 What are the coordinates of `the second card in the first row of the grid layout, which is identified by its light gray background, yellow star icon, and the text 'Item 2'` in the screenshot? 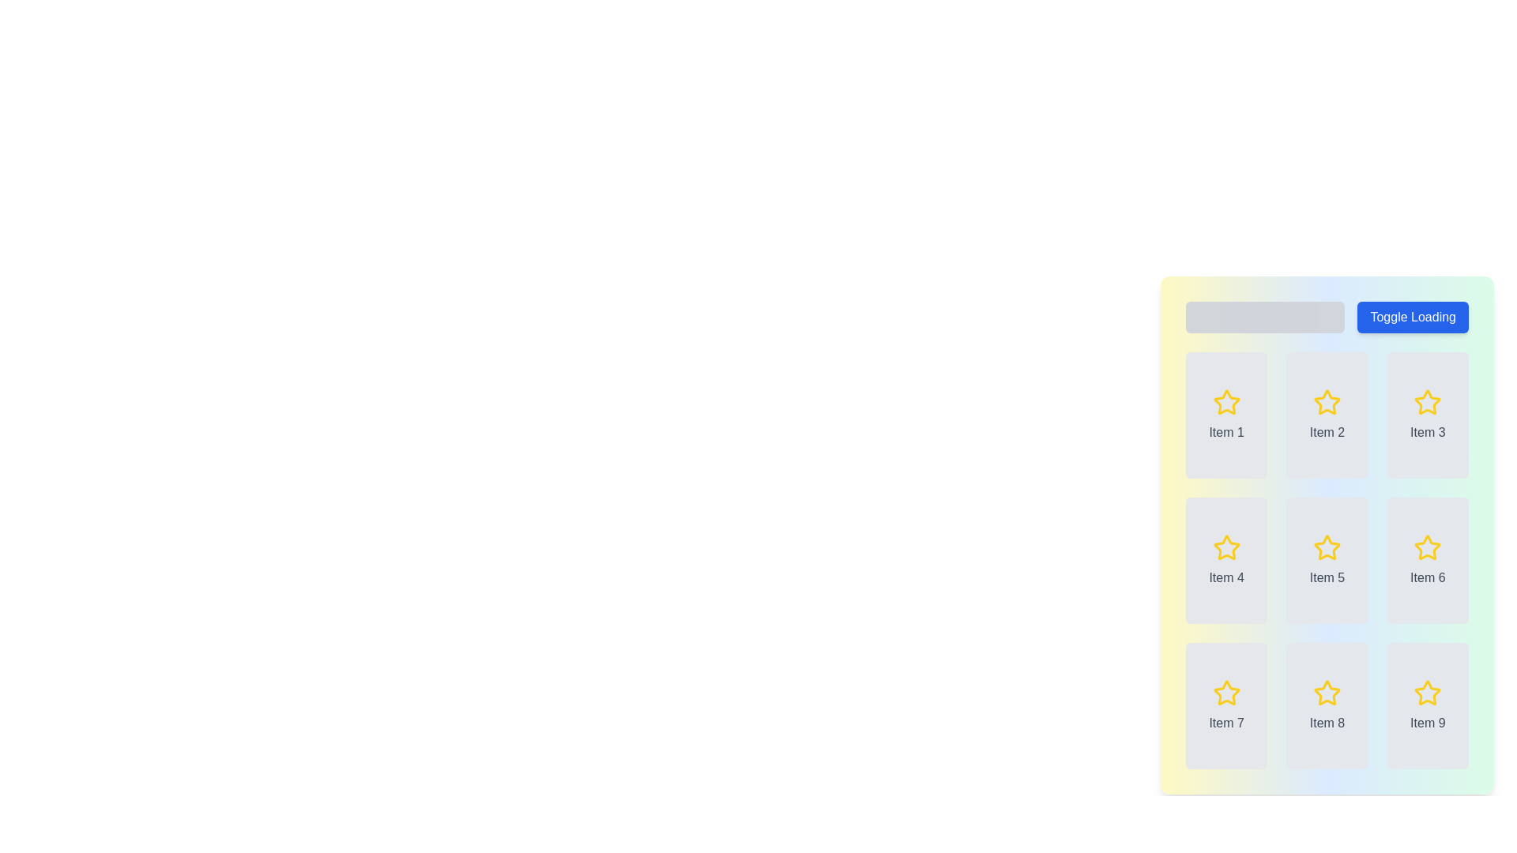 It's located at (1327, 414).